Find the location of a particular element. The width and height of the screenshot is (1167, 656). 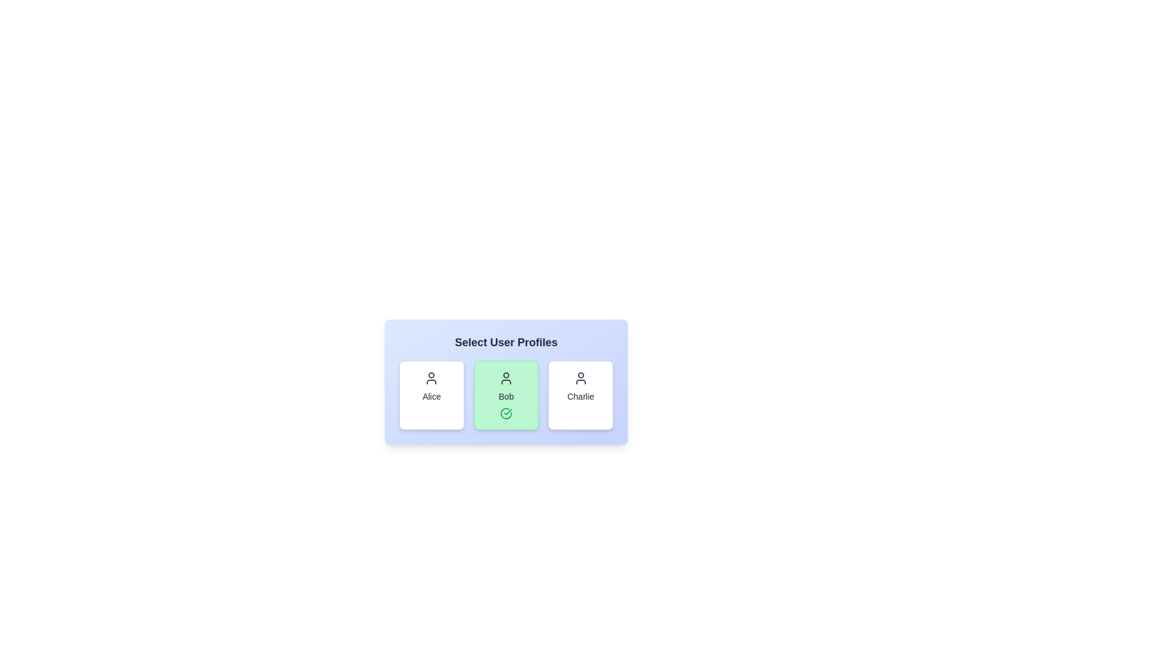

the user profile card for Charlie is located at coordinates (580, 395).